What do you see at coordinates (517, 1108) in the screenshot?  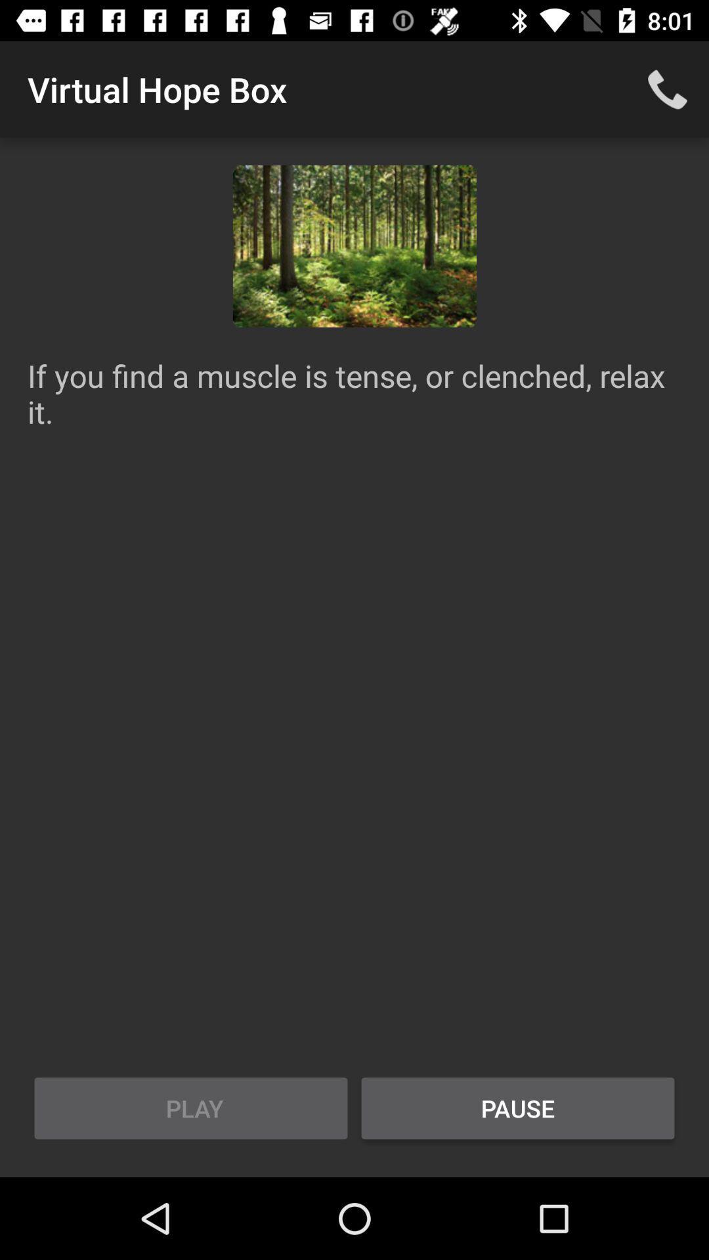 I see `pause item` at bounding box center [517, 1108].